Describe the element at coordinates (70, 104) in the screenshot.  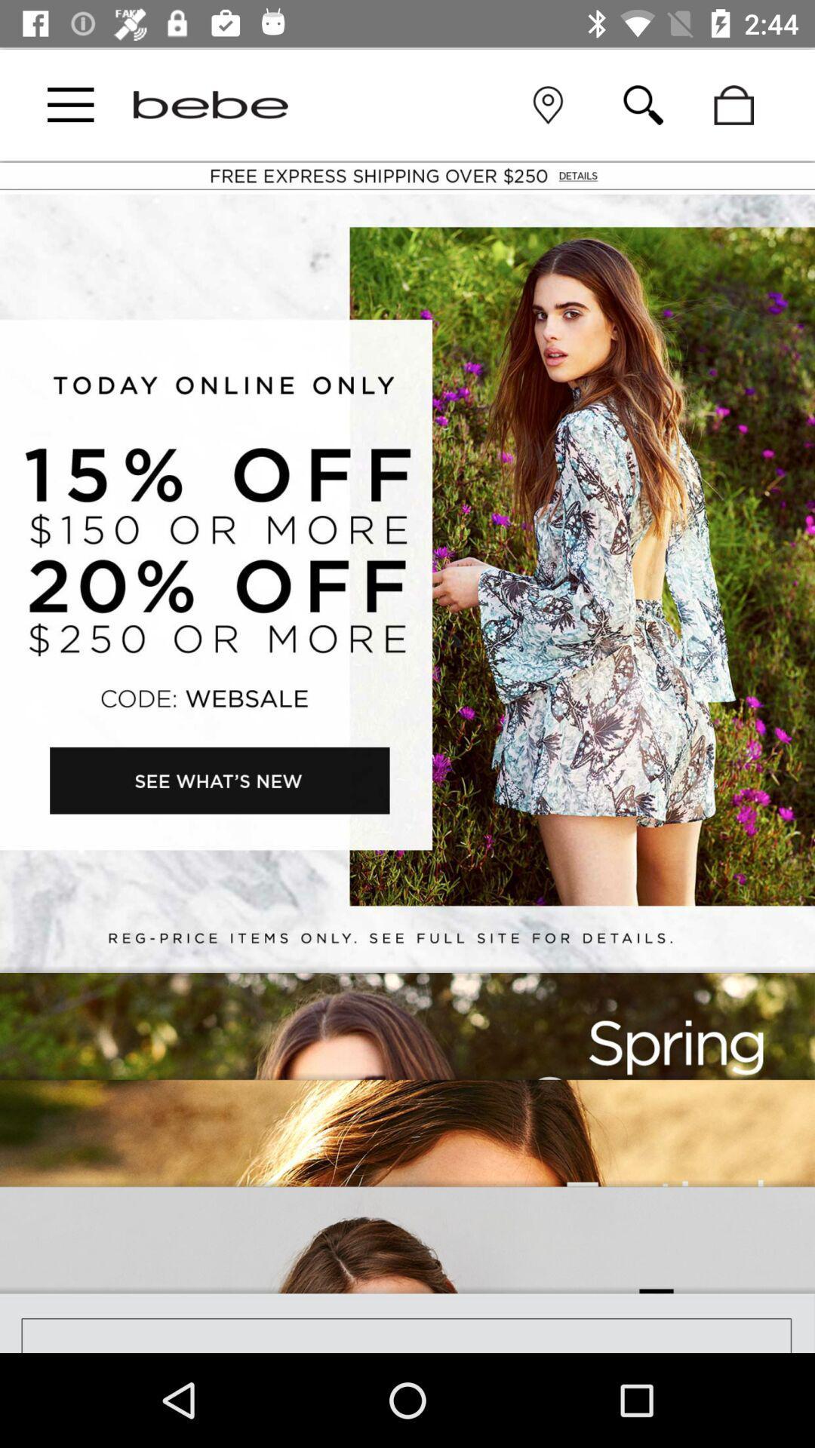
I see `open app menu` at that location.